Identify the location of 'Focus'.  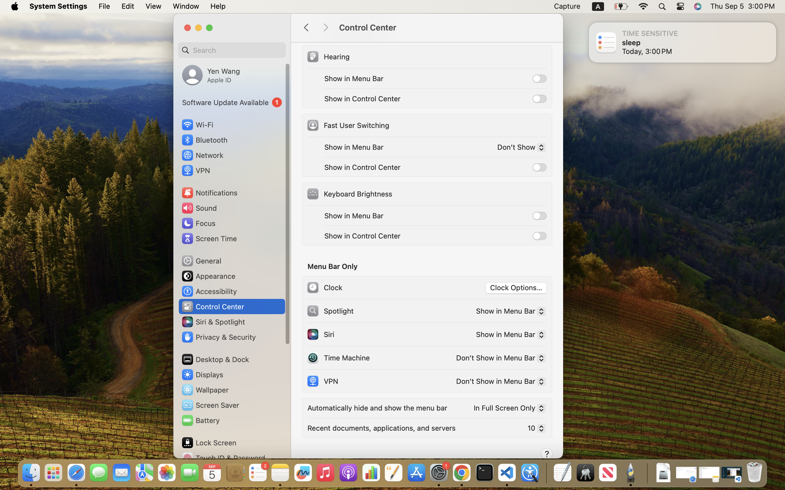
(198, 223).